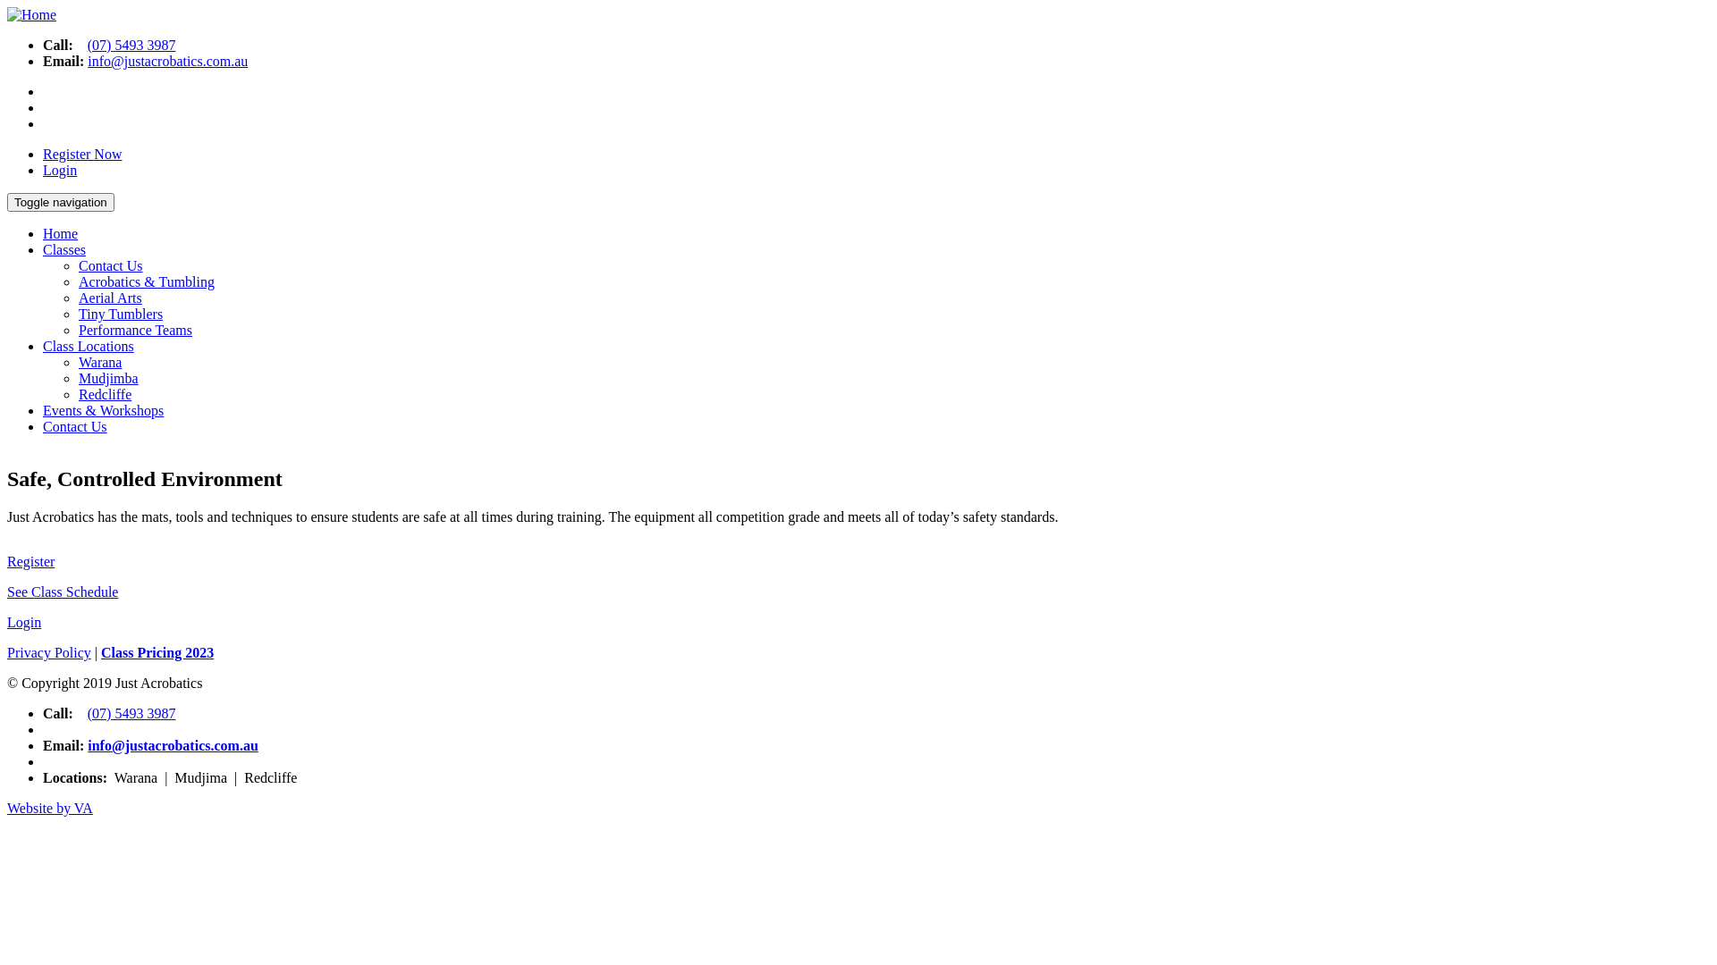 Image resolution: width=1717 pixels, height=965 pixels. I want to click on 'Register Now', so click(80, 153).